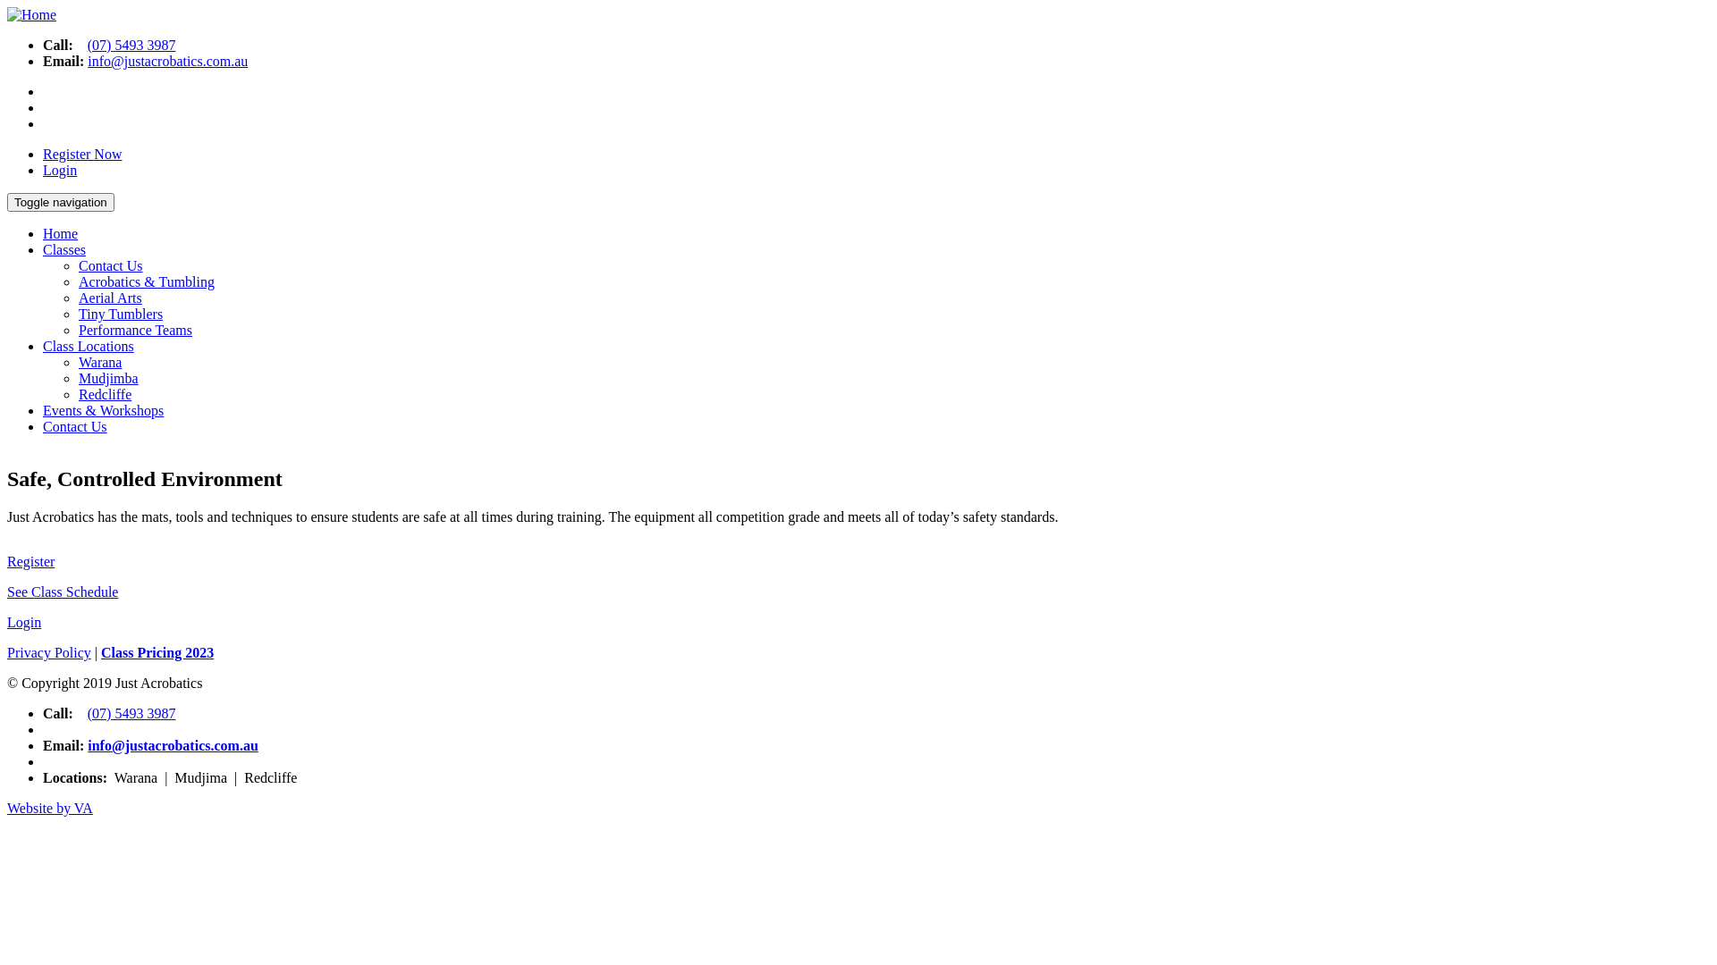 Image resolution: width=1717 pixels, height=965 pixels. I want to click on 'Register Now', so click(80, 153).